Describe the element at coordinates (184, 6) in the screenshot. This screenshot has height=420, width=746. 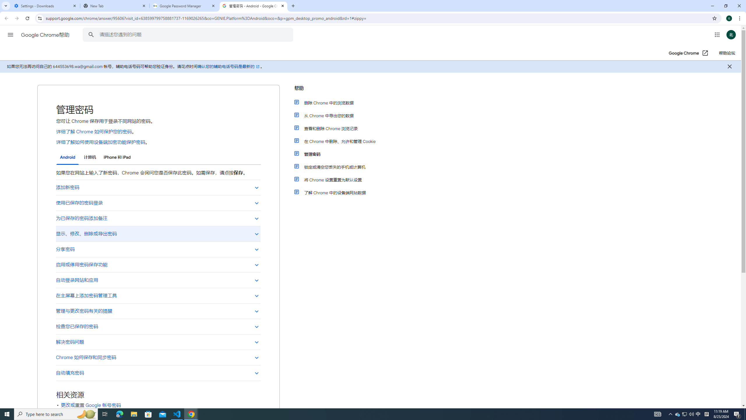
I see `'Google Password Manager'` at that location.